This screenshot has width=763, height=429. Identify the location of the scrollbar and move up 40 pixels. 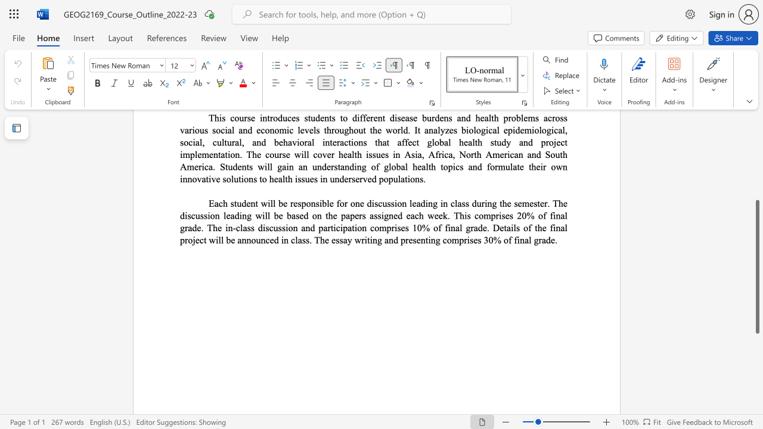
(756, 266).